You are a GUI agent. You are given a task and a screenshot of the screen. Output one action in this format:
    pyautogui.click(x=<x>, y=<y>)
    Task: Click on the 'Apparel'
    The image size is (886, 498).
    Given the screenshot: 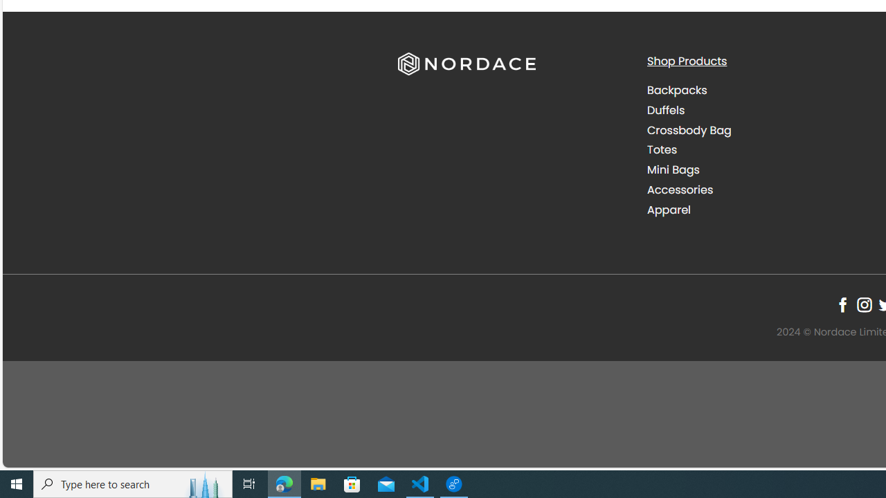 What is the action you would take?
    pyautogui.click(x=669, y=210)
    